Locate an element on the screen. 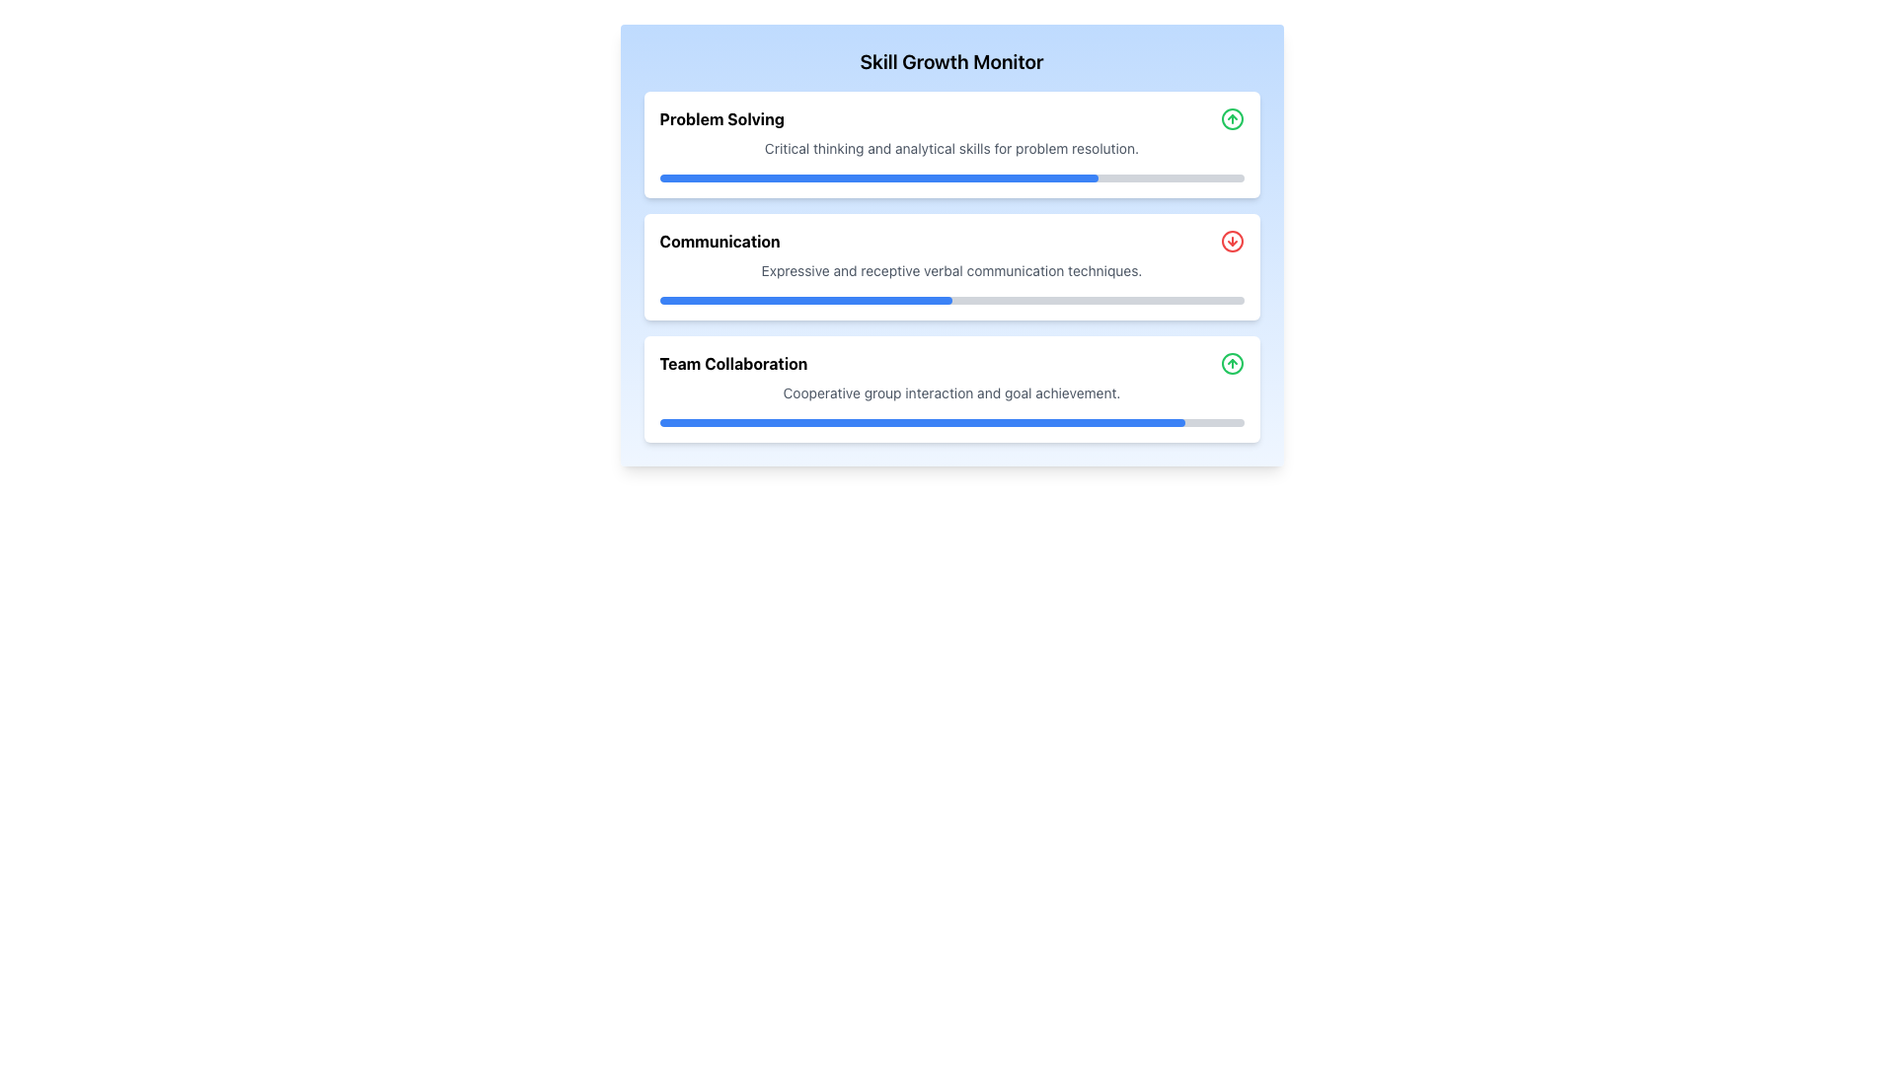 The width and height of the screenshot is (1895, 1065). the progress indicator icon for the 'Team Collaboration' skill, located on the rightmost side of the section, adjacent to the descriptive text and progress bar is located at coordinates (1231, 364).